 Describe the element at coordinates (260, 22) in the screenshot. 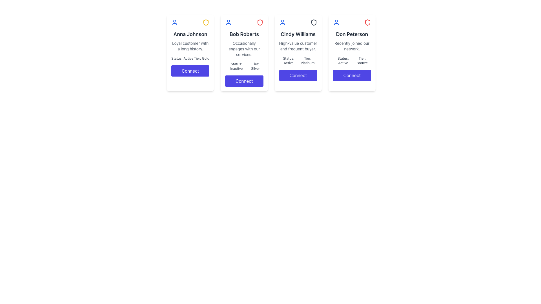

I see `the red shield-shaped icon located at the top-right corner of the 'Bob Roberts' card` at that location.